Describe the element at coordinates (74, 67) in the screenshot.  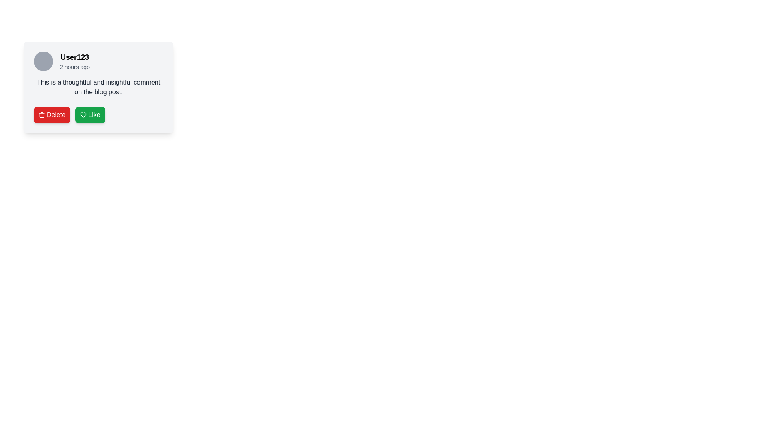
I see `timestamp text styled in a smaller gray font located directly below the 'User123' text` at that location.